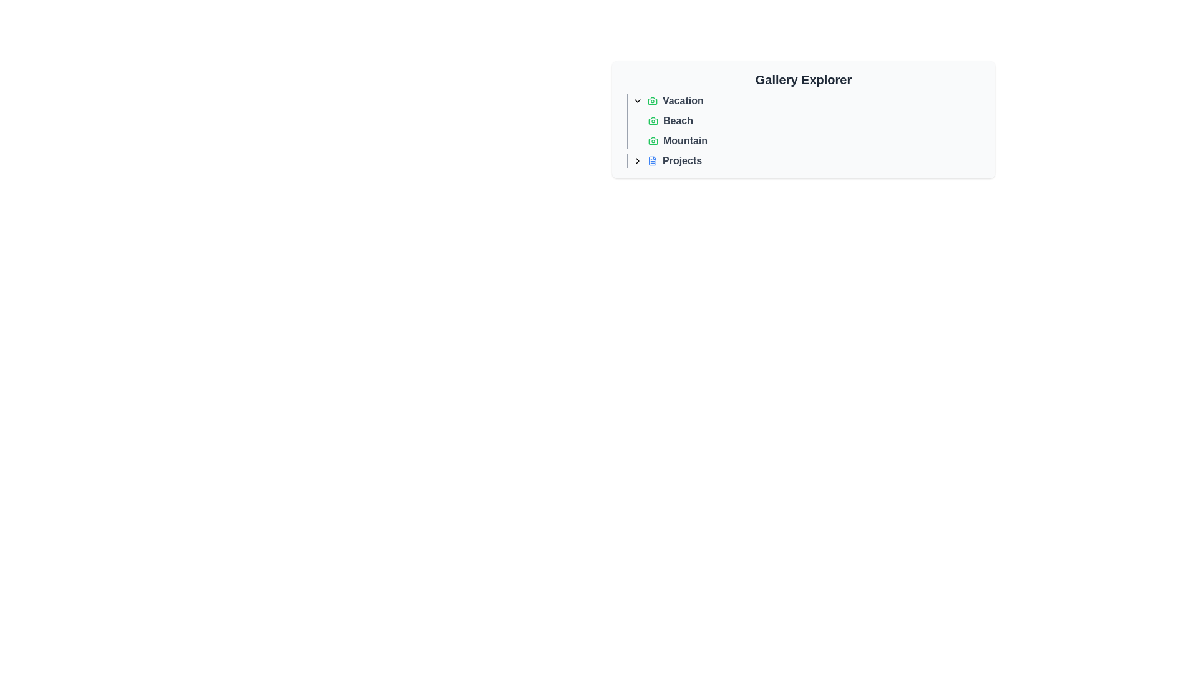 This screenshot has height=674, width=1198. I want to click on the expand/collapse button located to the left of the 'Projects' text to observe any tooltip or cursor changes, so click(638, 160).